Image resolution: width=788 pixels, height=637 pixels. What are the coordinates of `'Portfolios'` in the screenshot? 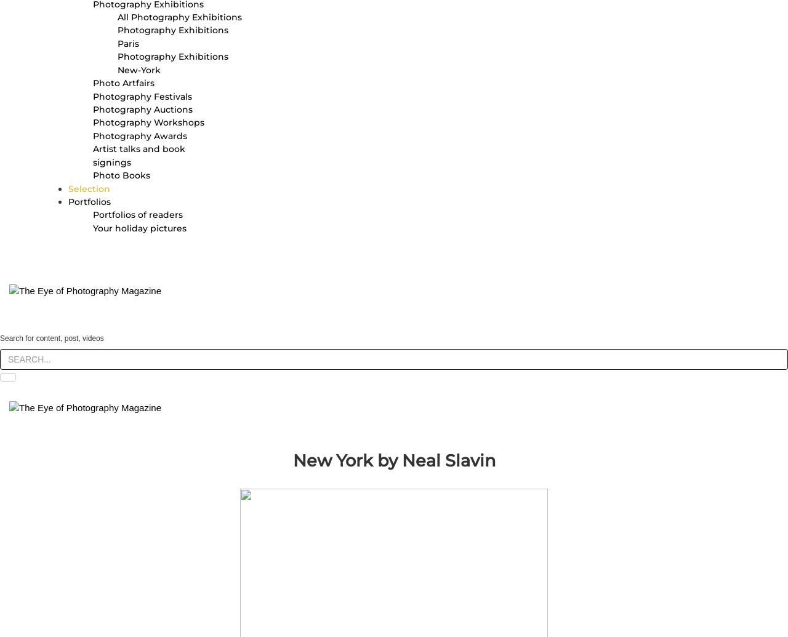 It's located at (89, 201).